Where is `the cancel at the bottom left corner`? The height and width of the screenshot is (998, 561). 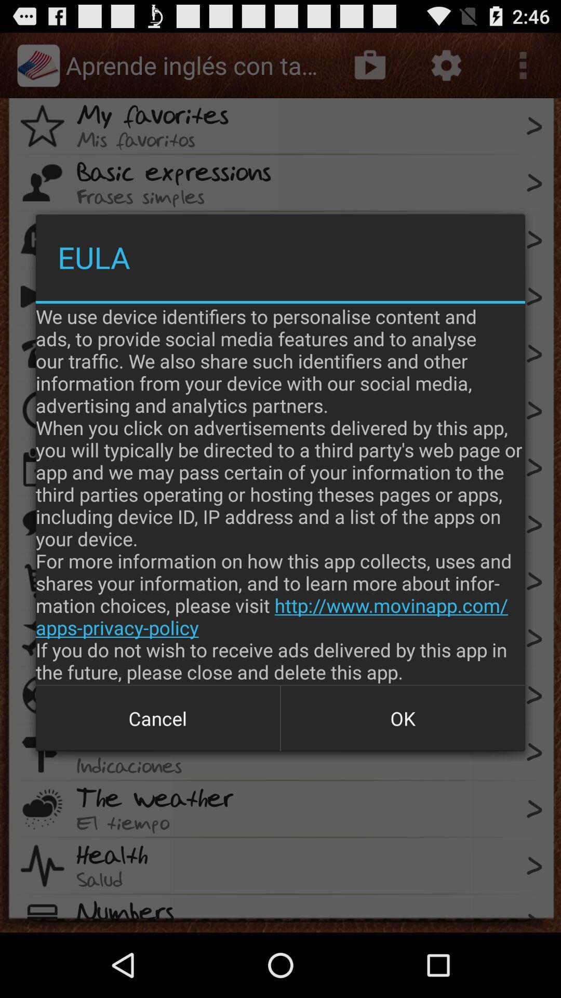
the cancel at the bottom left corner is located at coordinates (158, 718).